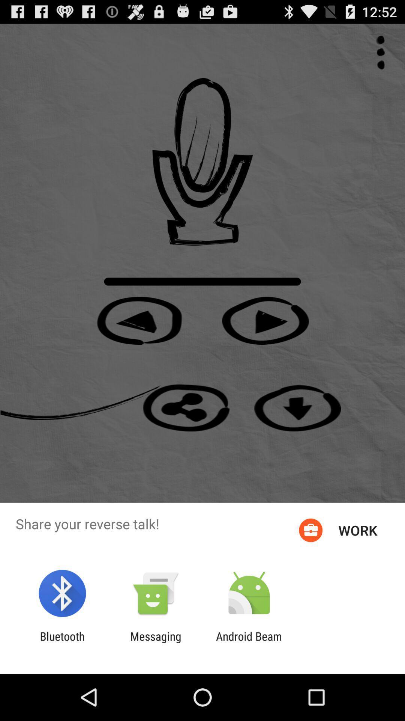 The image size is (405, 721). I want to click on the item next to android beam item, so click(155, 643).